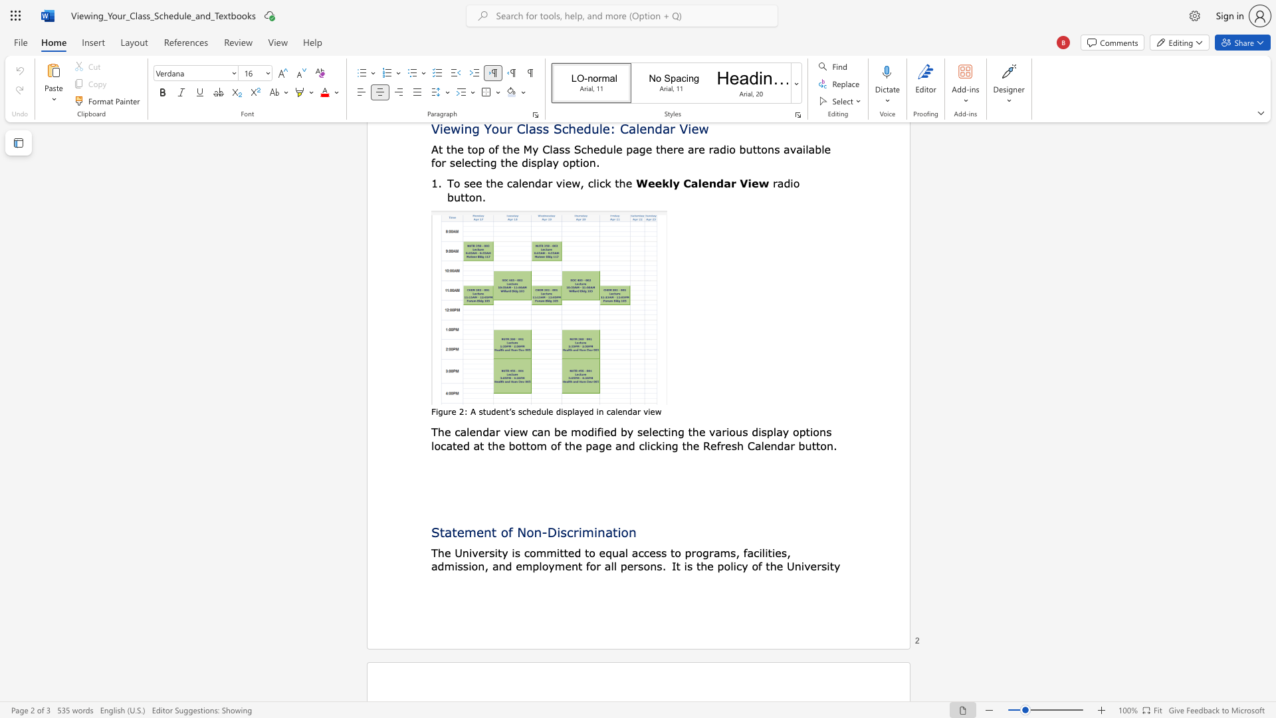 This screenshot has width=1276, height=718. I want to click on the subset text "on" within the text "Statement of Non-Discrimination", so click(620, 531).